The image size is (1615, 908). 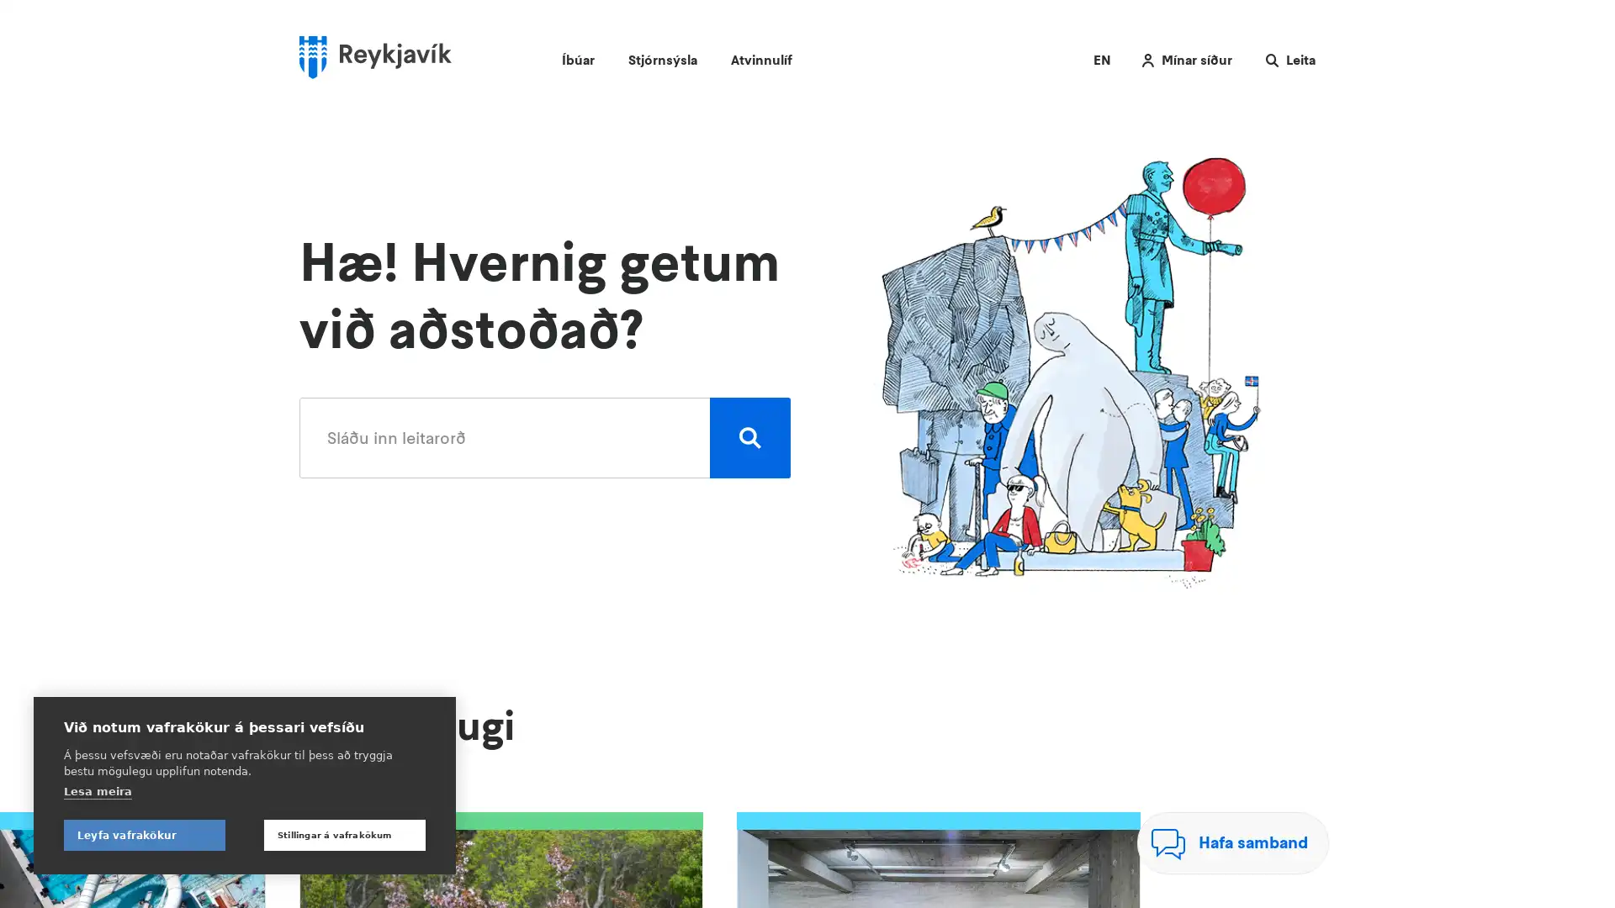 What do you see at coordinates (145, 835) in the screenshot?
I see `Leyfa vafrakokur` at bounding box center [145, 835].